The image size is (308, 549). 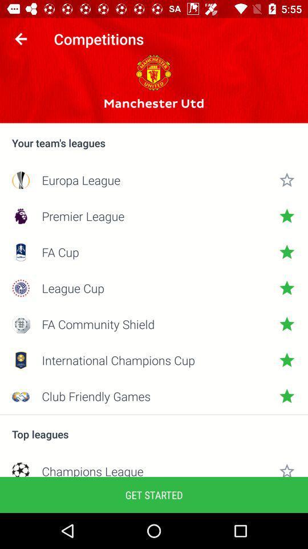 I want to click on the fa cup item, so click(x=154, y=252).